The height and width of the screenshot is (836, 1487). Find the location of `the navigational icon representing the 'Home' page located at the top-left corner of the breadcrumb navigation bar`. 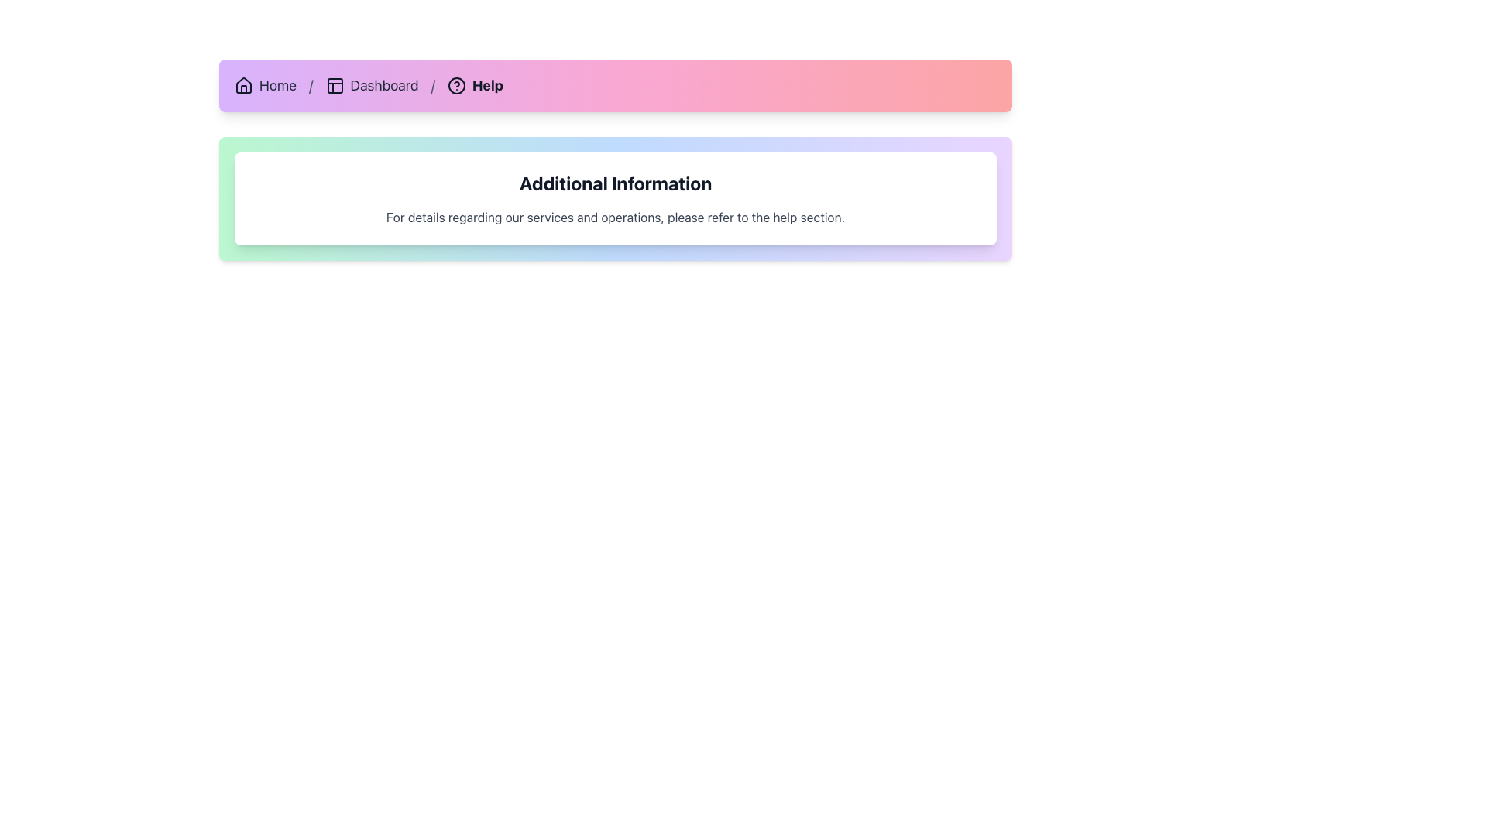

the navigational icon representing the 'Home' page located at the top-left corner of the breadcrumb navigation bar is located at coordinates (243, 86).